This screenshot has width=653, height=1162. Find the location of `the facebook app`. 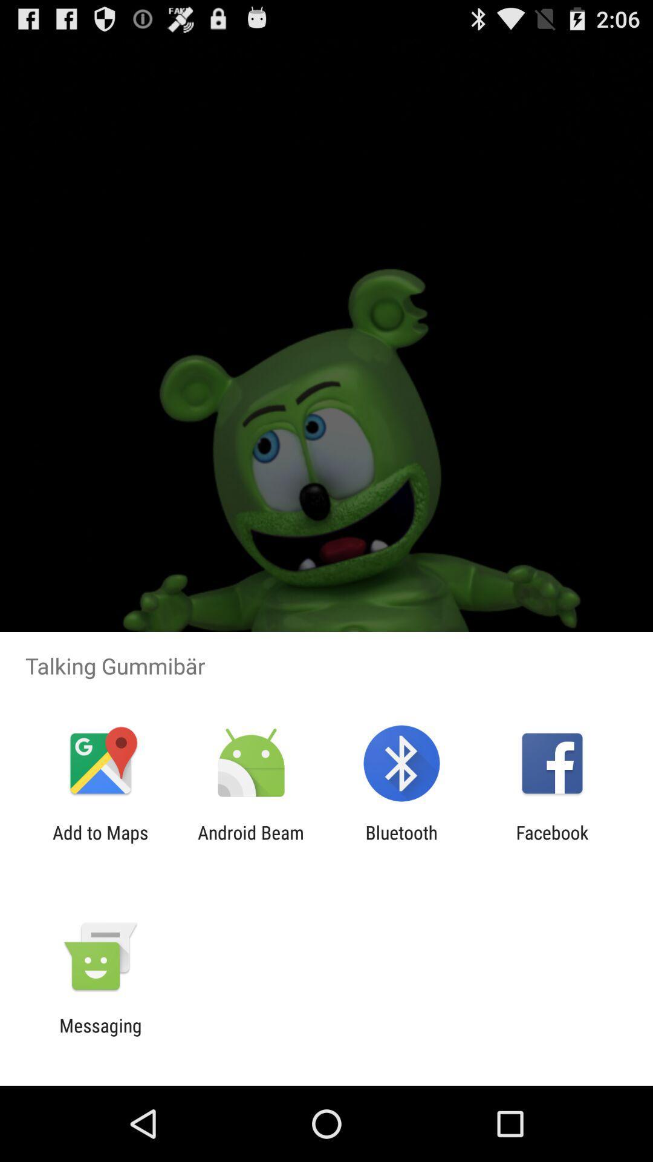

the facebook app is located at coordinates (552, 842).